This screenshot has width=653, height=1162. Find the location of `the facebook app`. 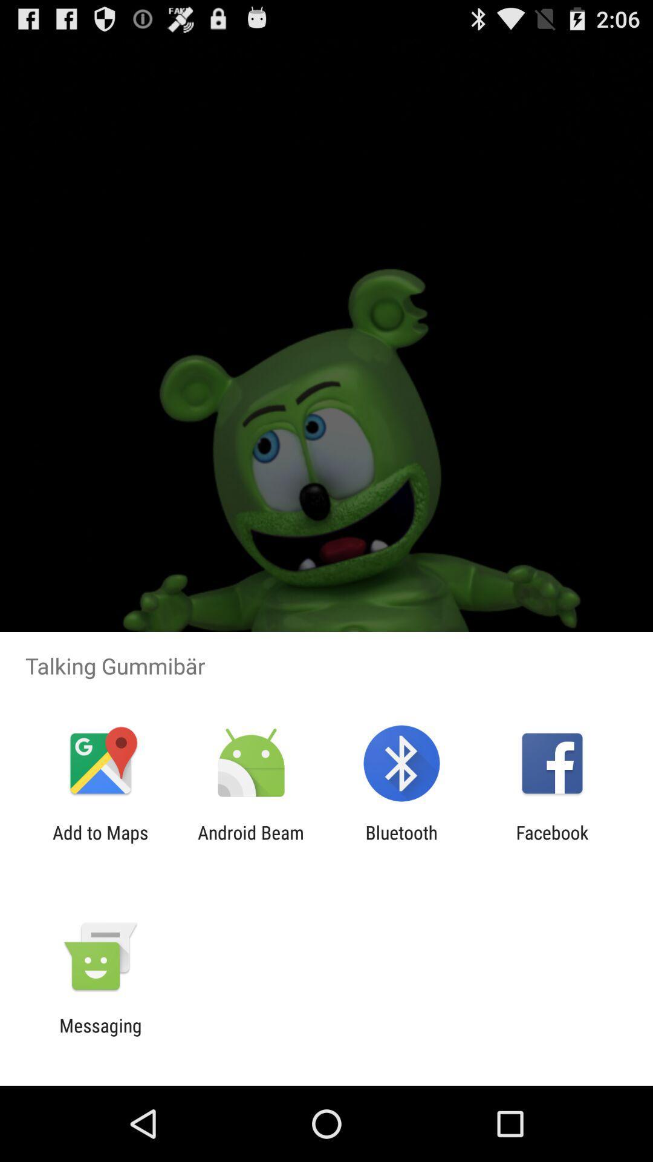

the facebook app is located at coordinates (552, 842).